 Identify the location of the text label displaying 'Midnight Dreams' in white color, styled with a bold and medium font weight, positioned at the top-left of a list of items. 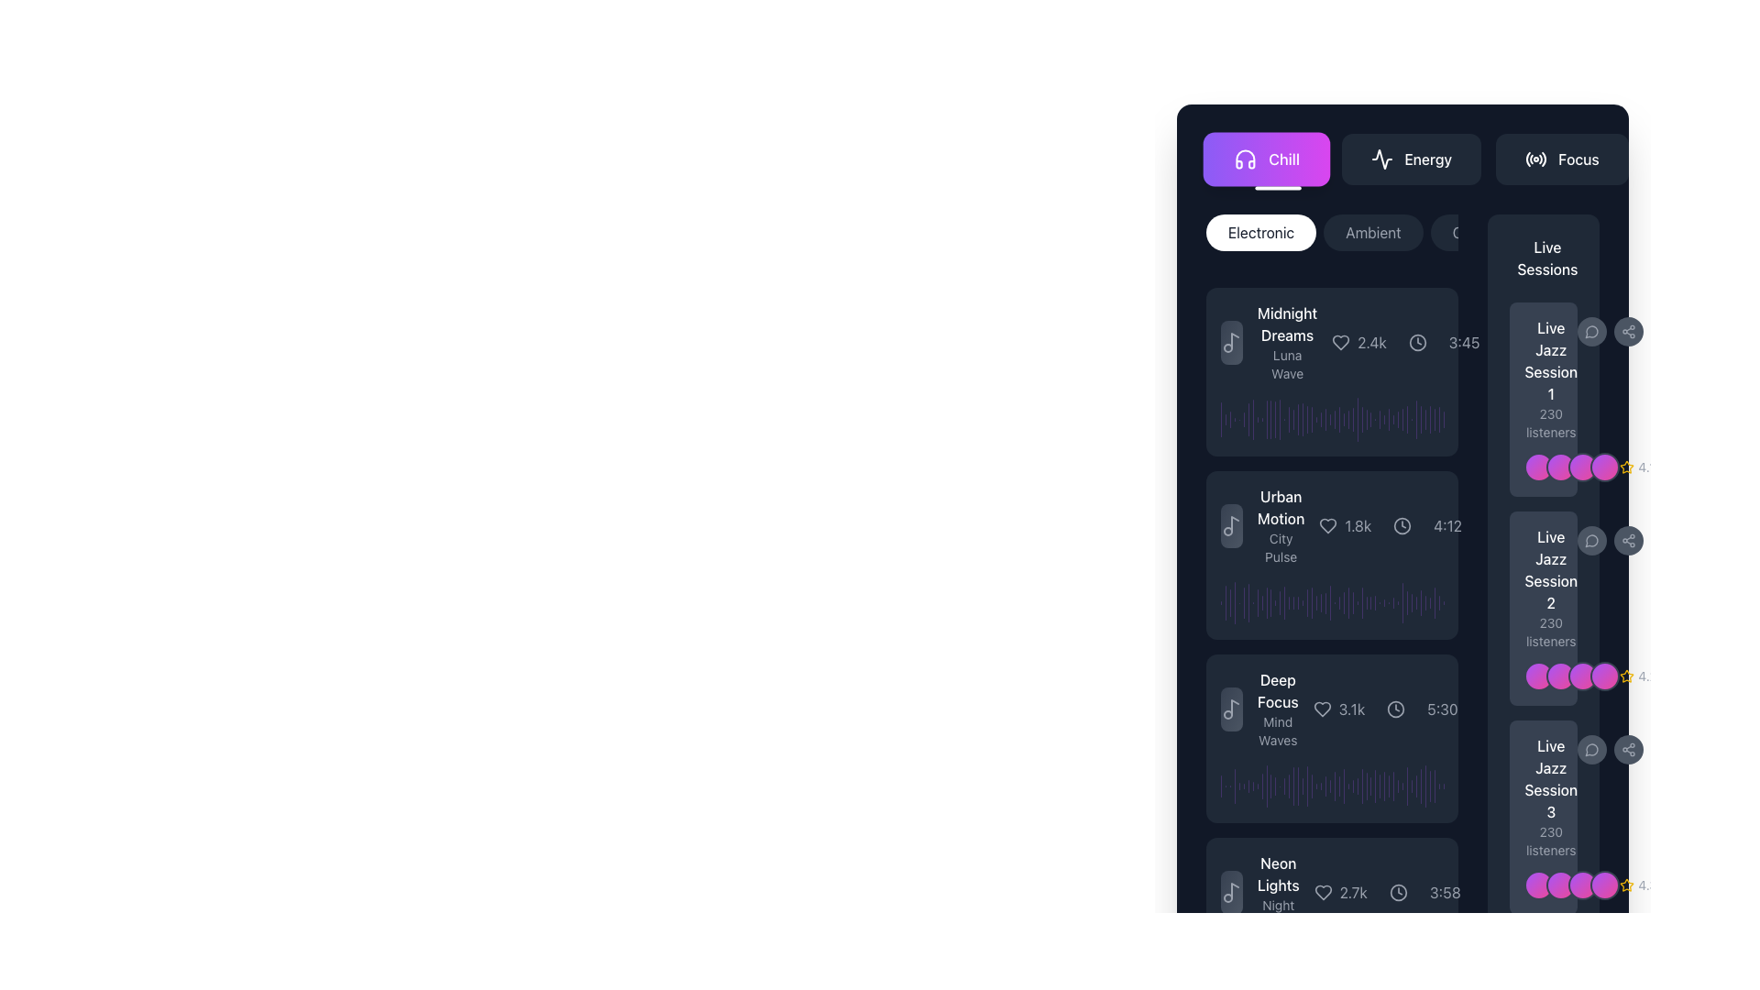
(1286, 324).